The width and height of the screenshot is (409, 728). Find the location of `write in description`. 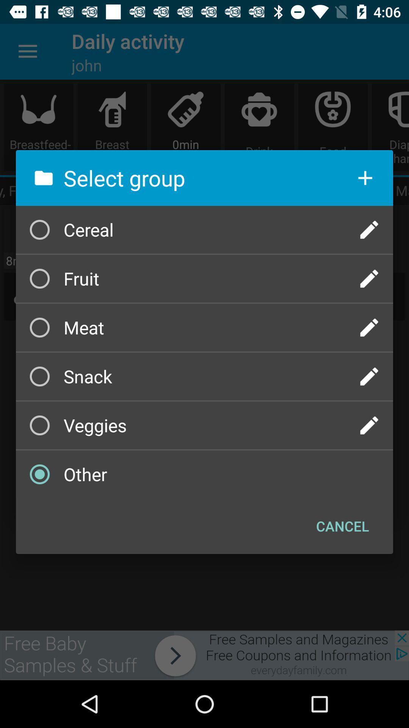

write in description is located at coordinates (369, 425).